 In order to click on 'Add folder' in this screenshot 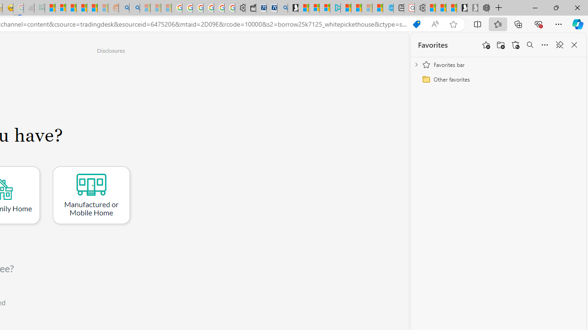, I will do `click(500, 45)`.